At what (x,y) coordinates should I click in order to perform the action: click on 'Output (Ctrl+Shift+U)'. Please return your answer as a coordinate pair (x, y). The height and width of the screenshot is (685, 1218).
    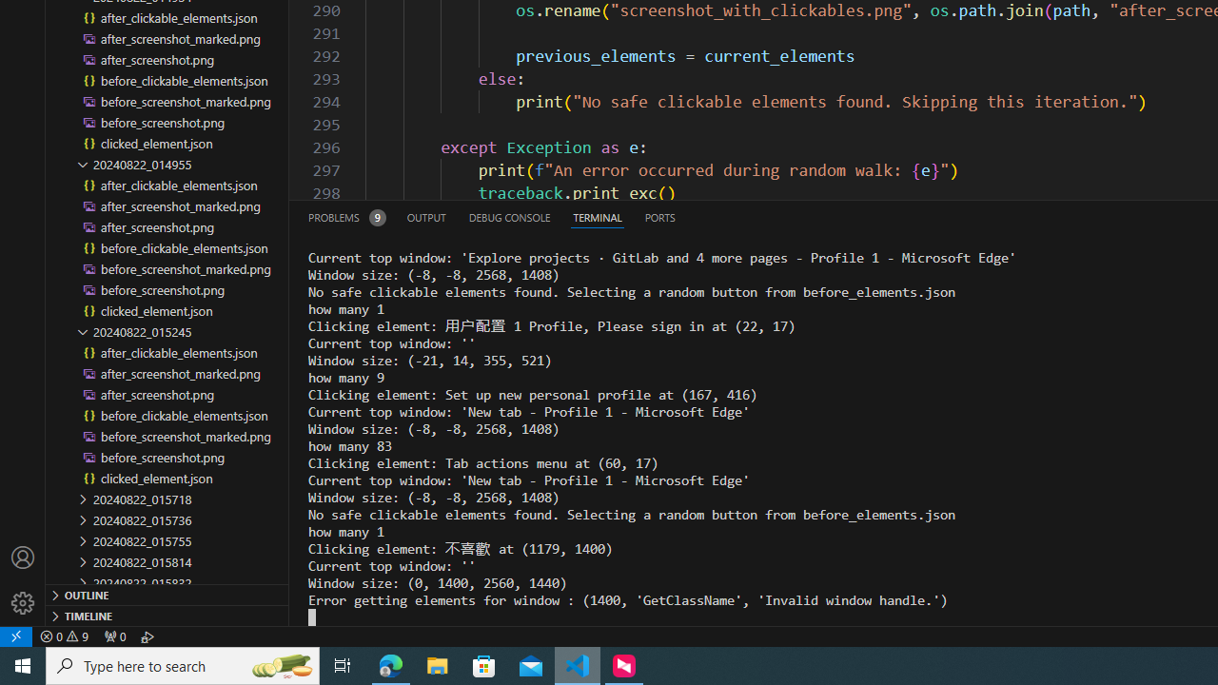
    Looking at the image, I should click on (425, 216).